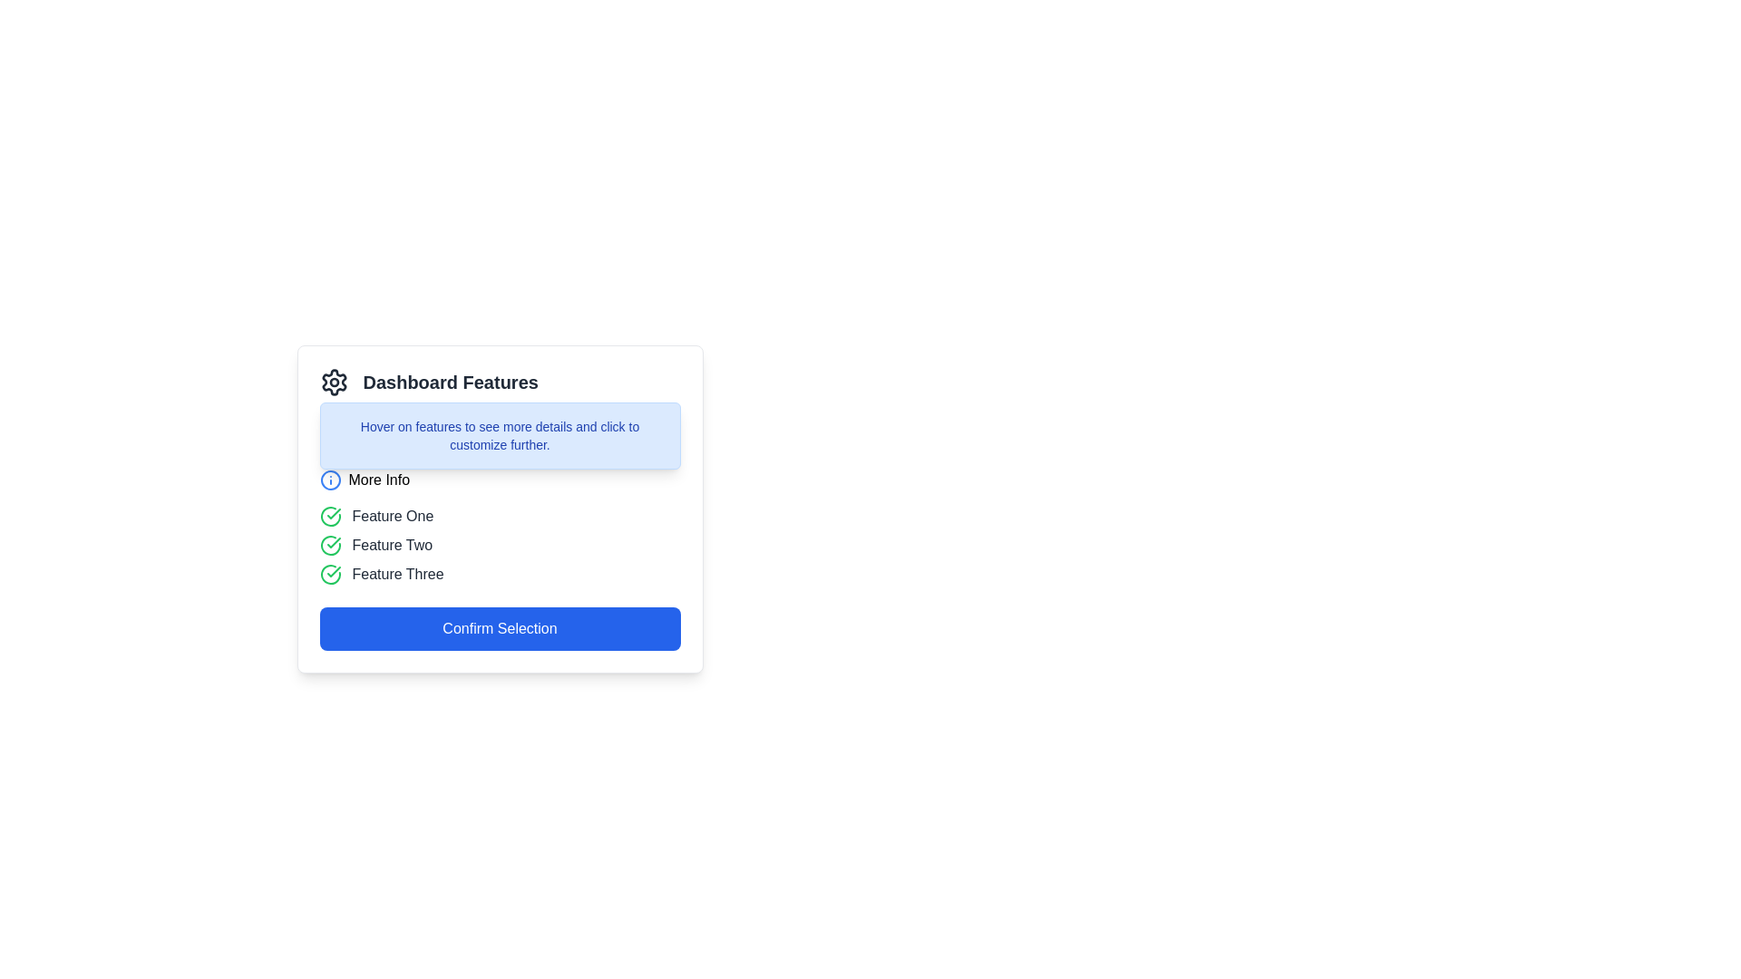 The height and width of the screenshot is (979, 1741). I want to click on the 'More Info' text label and icon combination, which is styled in blue and located in the top region of a prominent card, so click(364, 479).